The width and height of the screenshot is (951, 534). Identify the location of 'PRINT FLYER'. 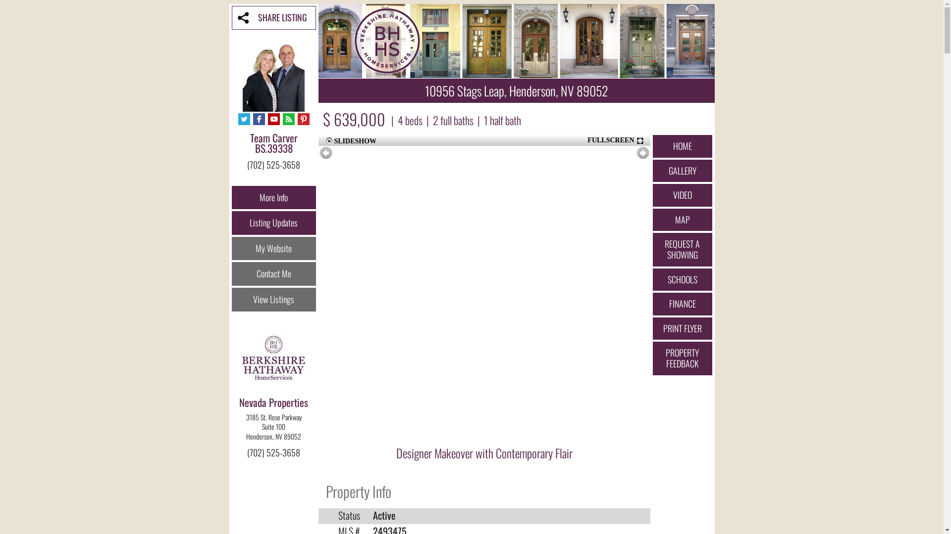
(682, 328).